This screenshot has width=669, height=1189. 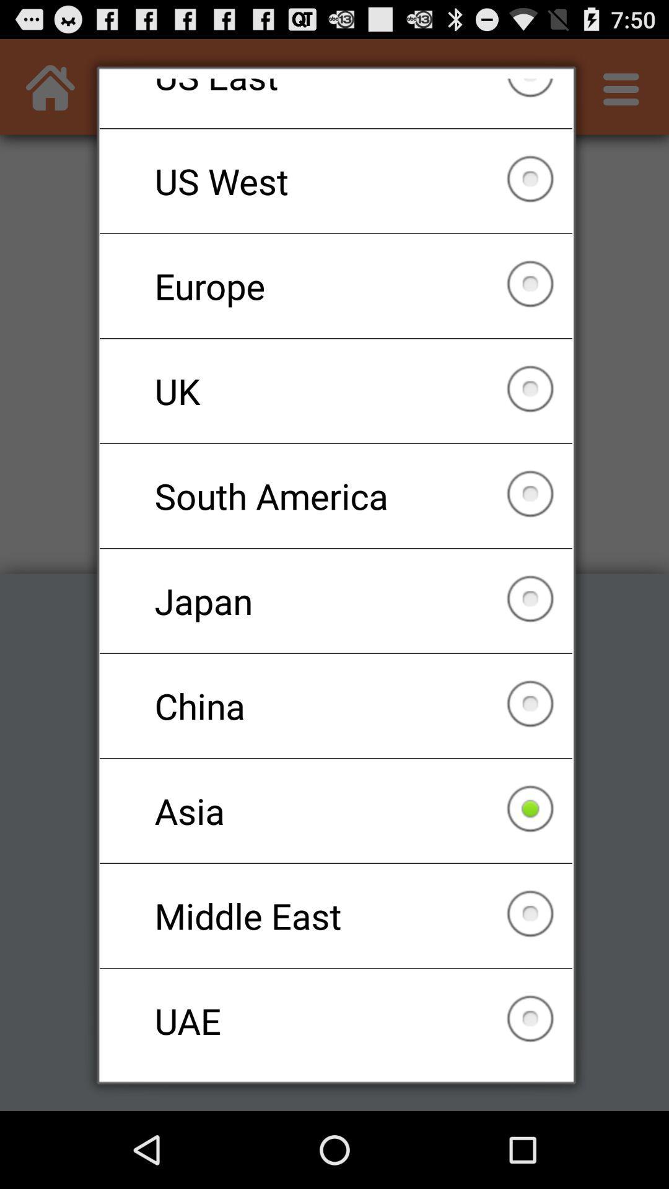 I want to click on checkbox below the     middle east, so click(x=336, y=1021).